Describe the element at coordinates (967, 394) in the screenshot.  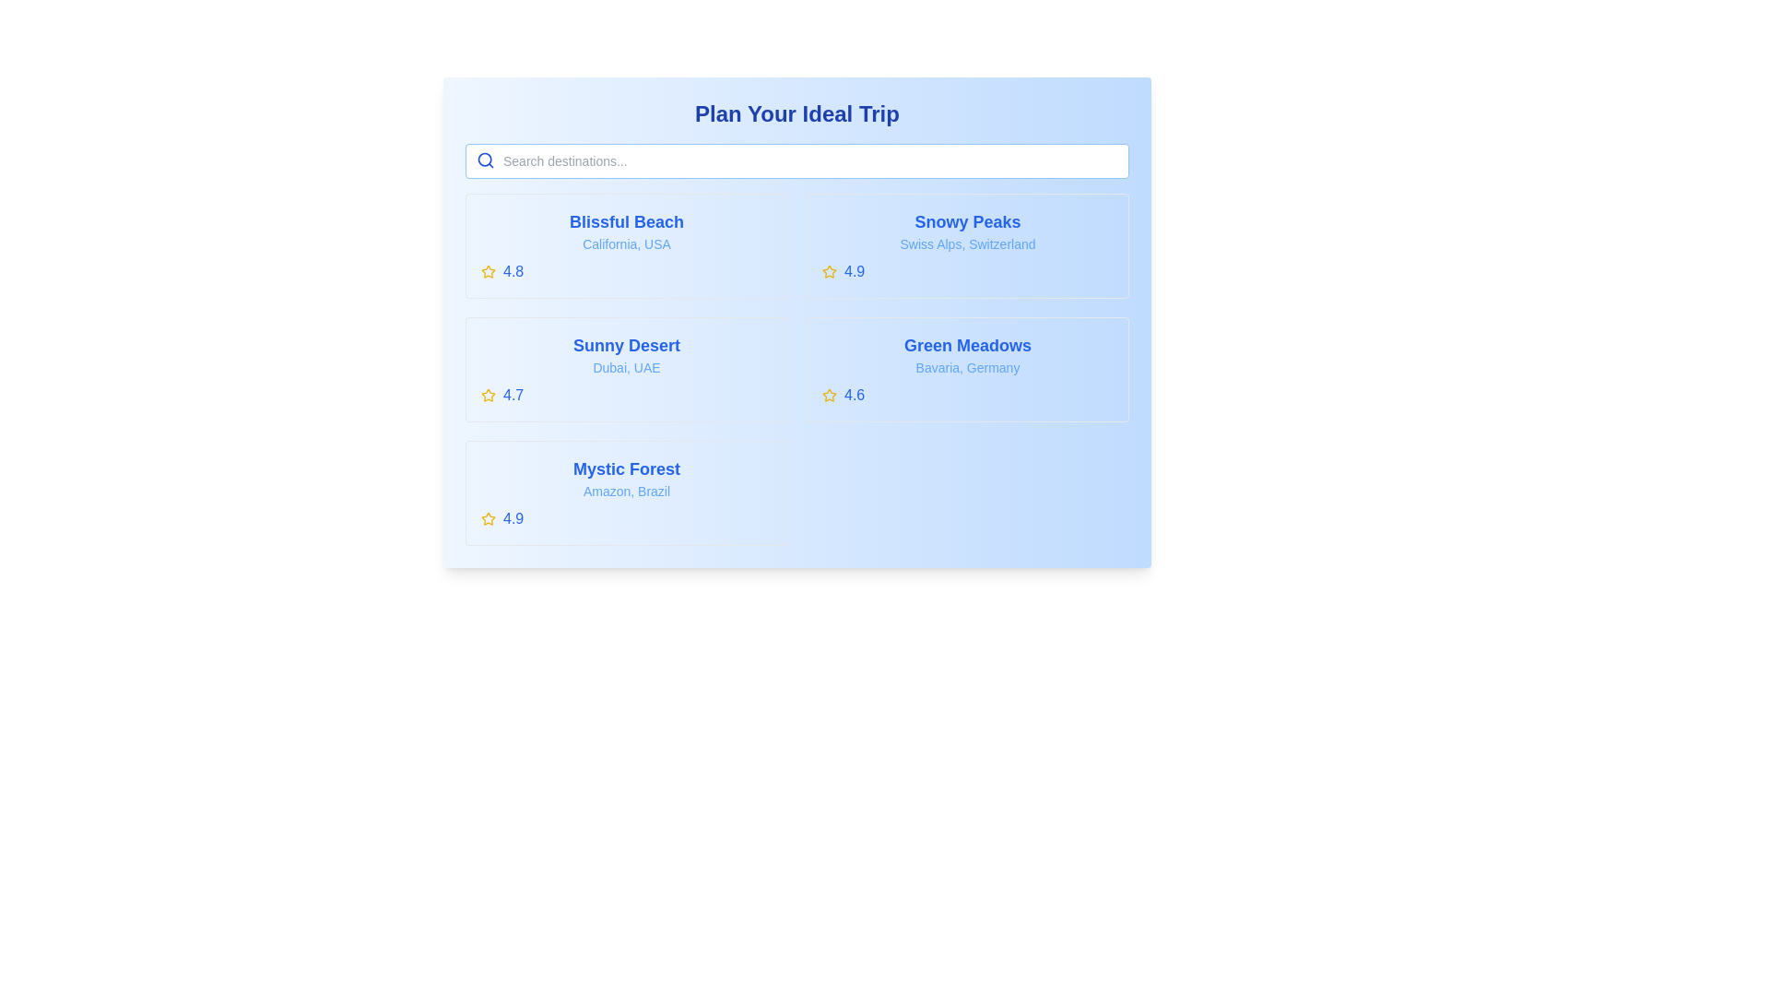
I see `the Rating display component located at the bottom of the 'Green Meadows' card, which shows a star and a numerical rating` at that location.